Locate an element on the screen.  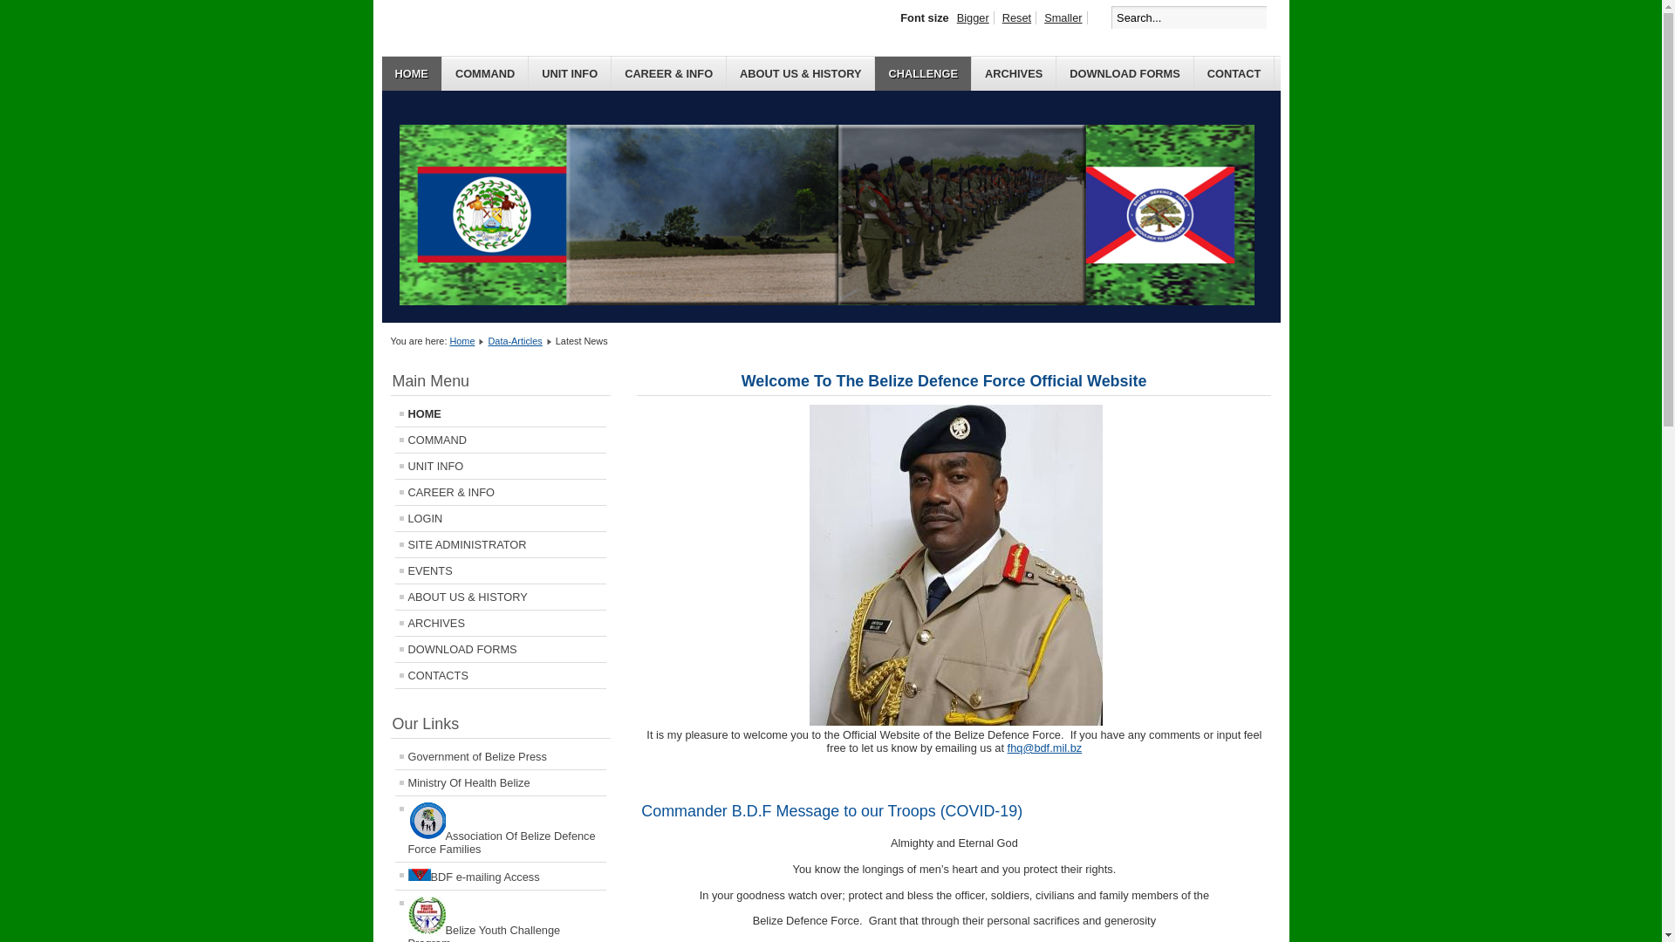
'UNIT INFO' is located at coordinates (570, 72).